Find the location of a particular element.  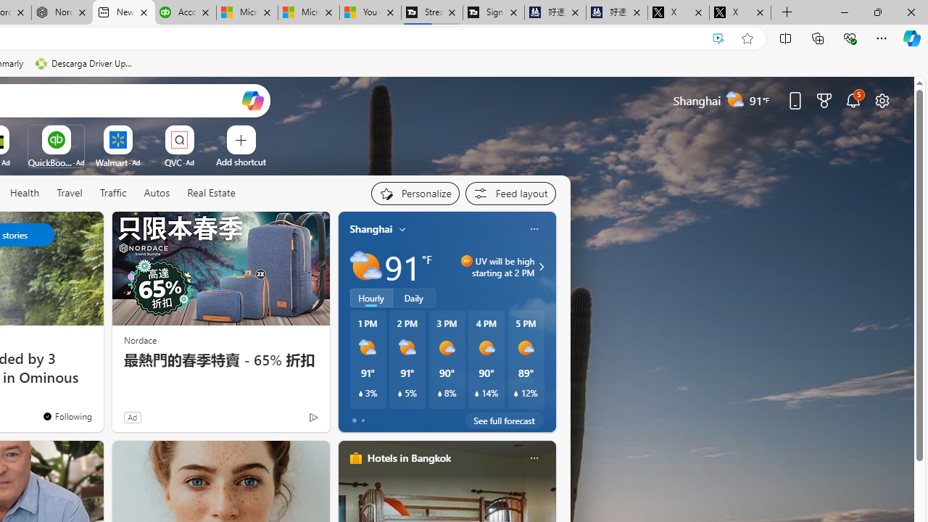

'Accounting Software for Accountants, CPAs and Bookkeepers' is located at coordinates (185, 12).